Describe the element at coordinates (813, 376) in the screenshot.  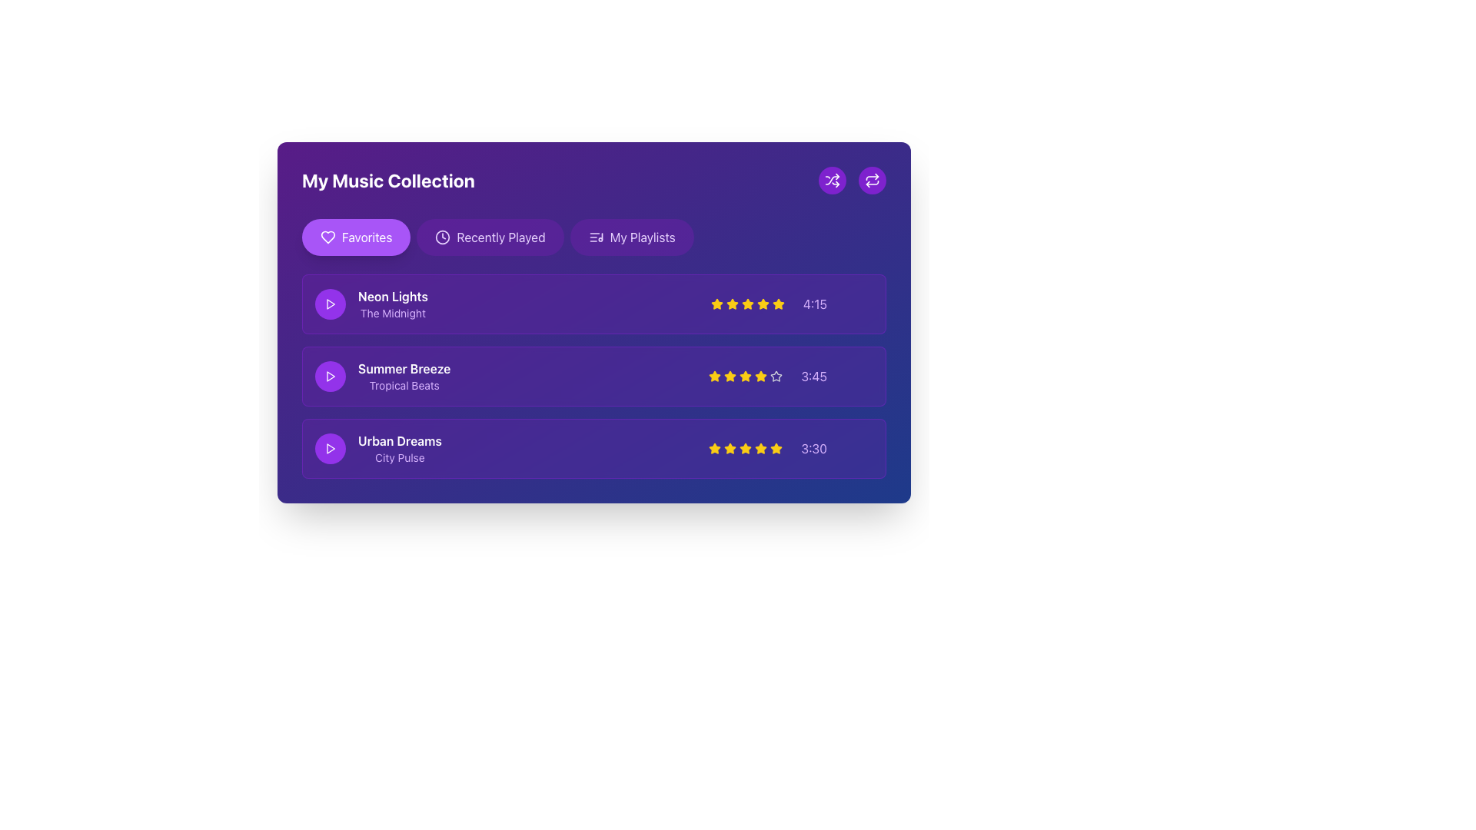
I see `the text label displaying the time duration '3:45', which is light purple and located on the right end of the second row in the music playlist interface` at that location.